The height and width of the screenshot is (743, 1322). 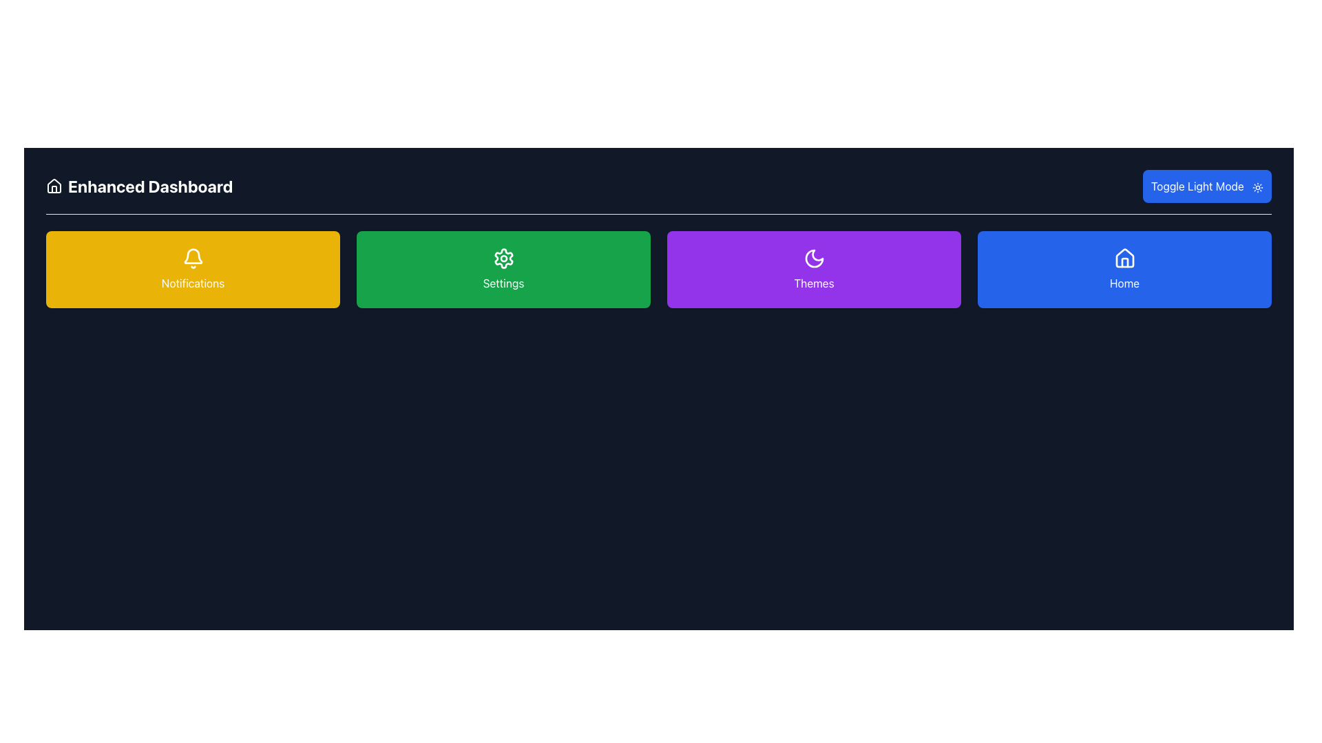 What do you see at coordinates (503, 258) in the screenshot?
I see `the cogwheel icon located centrally within the green 'Settings' button` at bounding box center [503, 258].